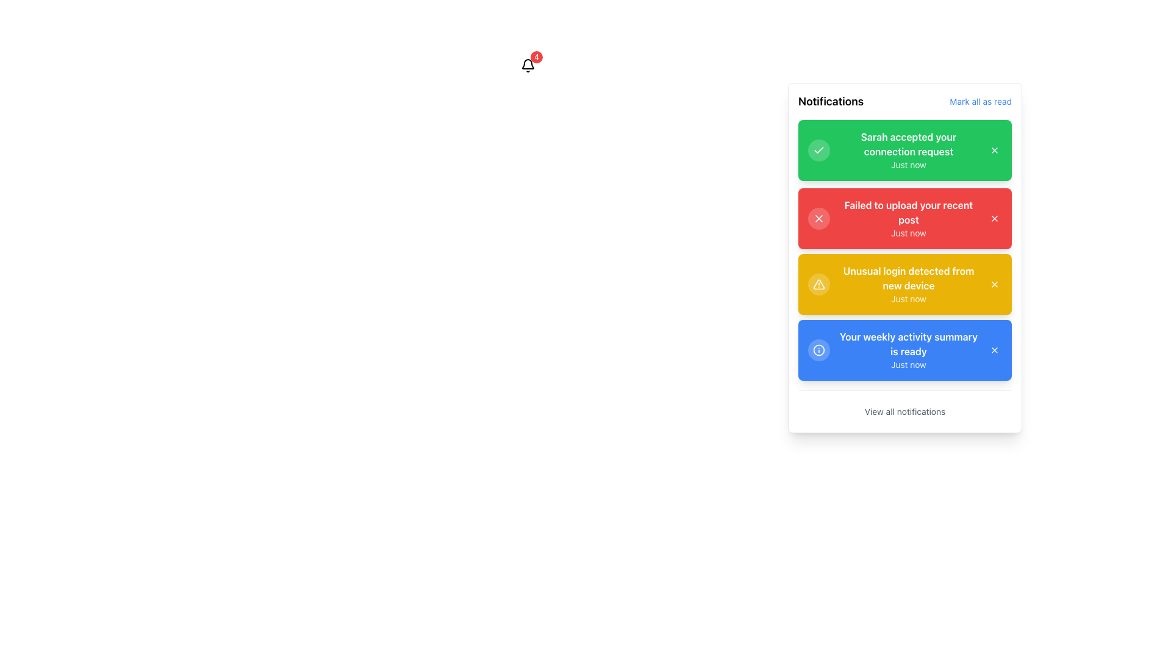  What do you see at coordinates (995, 149) in the screenshot?
I see `the close button for the notification that says 'Sarah accepted your connection request'` at bounding box center [995, 149].